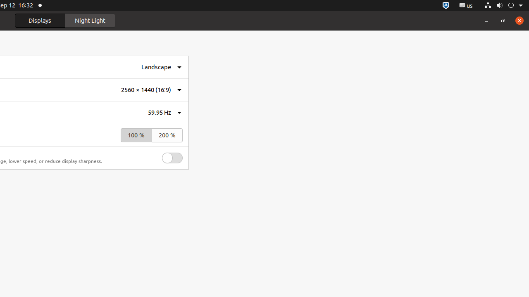 The width and height of the screenshot is (529, 297). I want to click on '200 %', so click(167, 135).